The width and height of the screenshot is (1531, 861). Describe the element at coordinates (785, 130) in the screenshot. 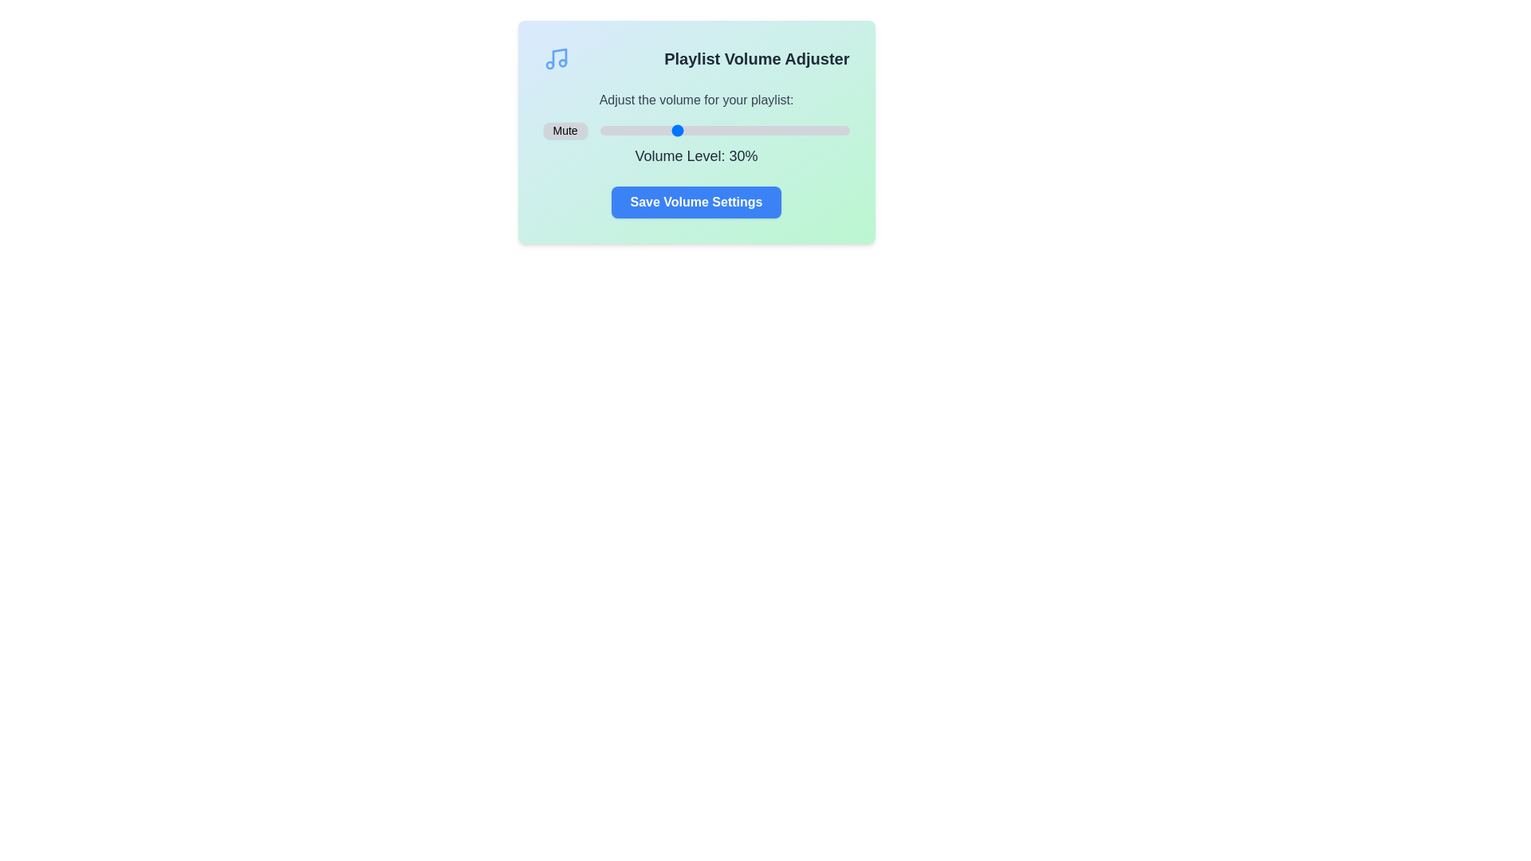

I see `the volume slider to set the volume to 74%` at that location.